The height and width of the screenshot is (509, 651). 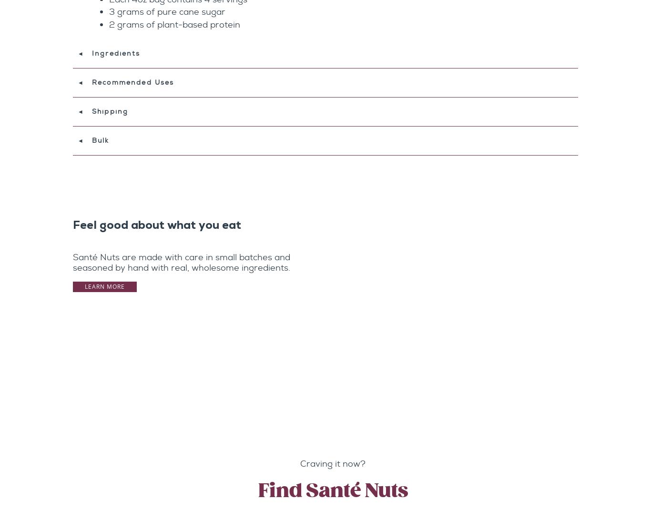 I want to click on 'Santé Nuts are made with care in small batches and seasoned by hand with real, wholesome ingredients.', so click(x=181, y=262).